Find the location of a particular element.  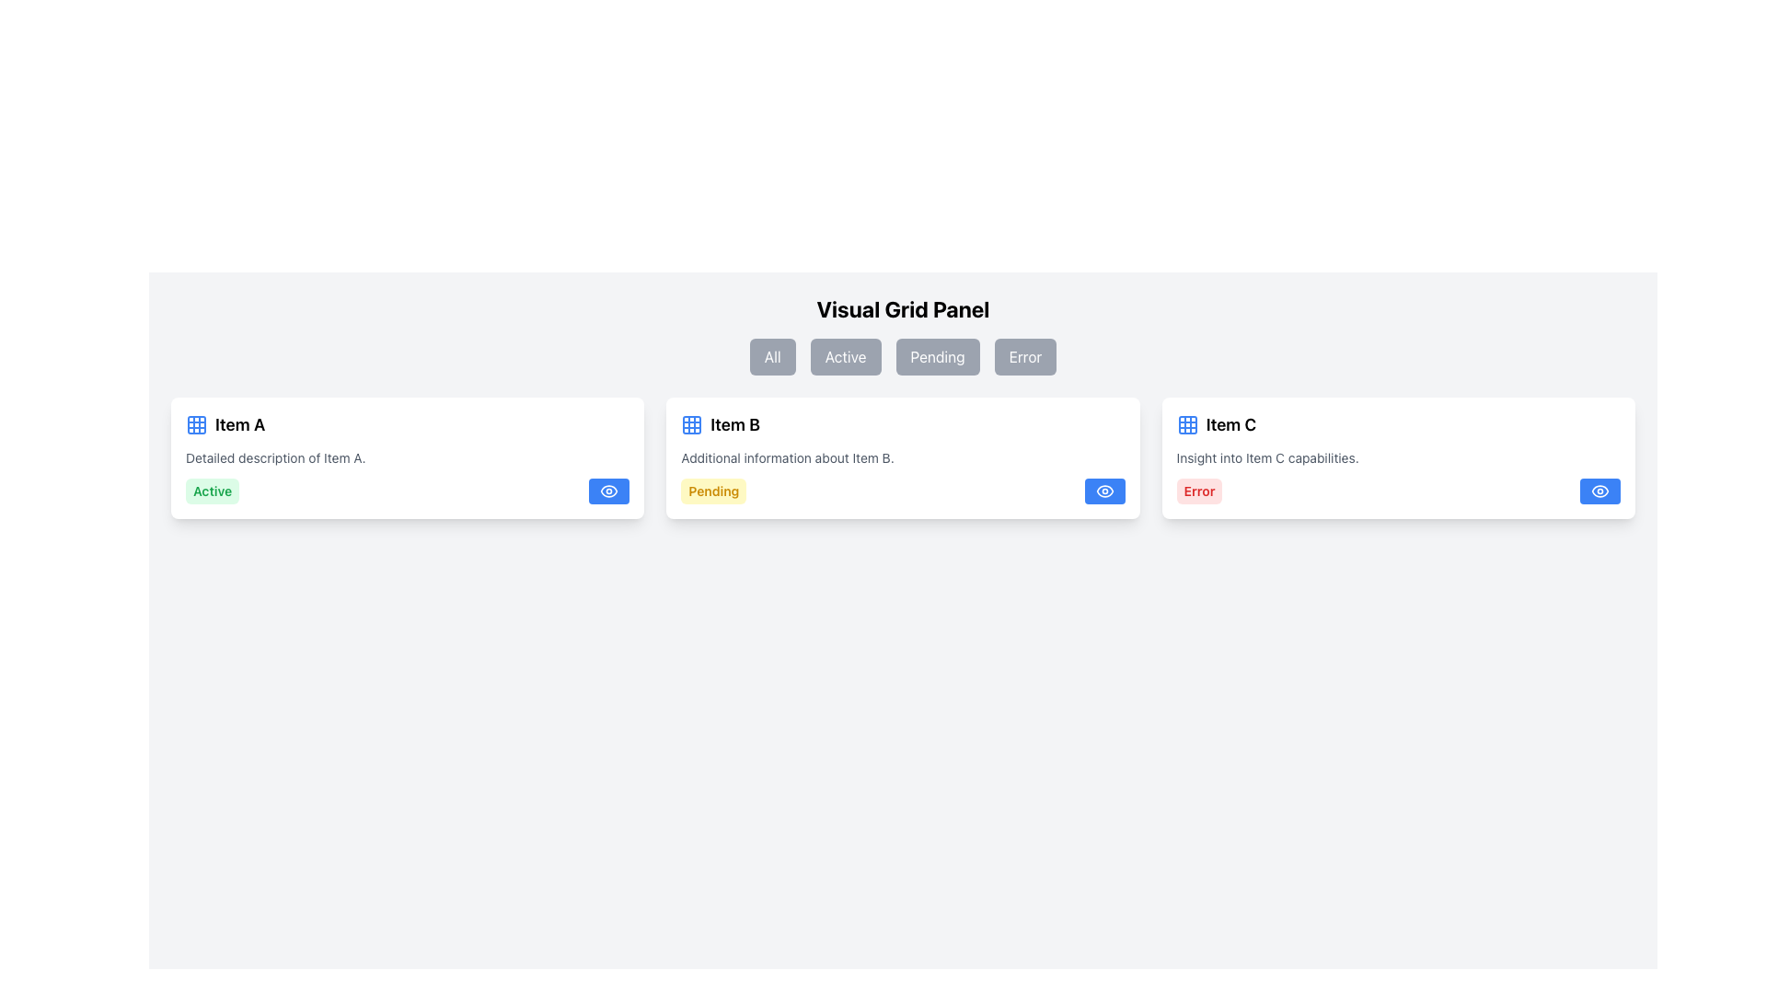

the 'Active' filter button, which is the second button in a row of four, located between the 'All' and 'Pending' buttons at the top of the interface is located at coordinates (845, 357).